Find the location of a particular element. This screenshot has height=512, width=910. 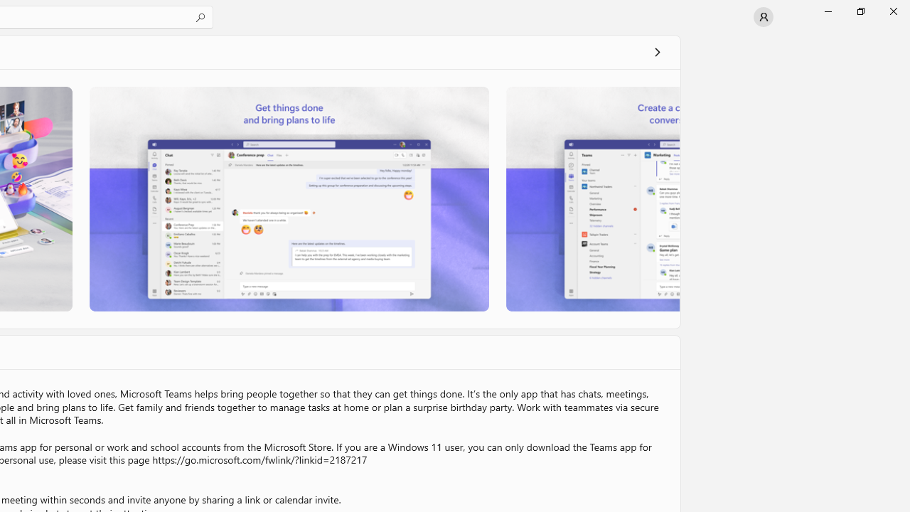

'Screenshot 3' is located at coordinates (592, 198).